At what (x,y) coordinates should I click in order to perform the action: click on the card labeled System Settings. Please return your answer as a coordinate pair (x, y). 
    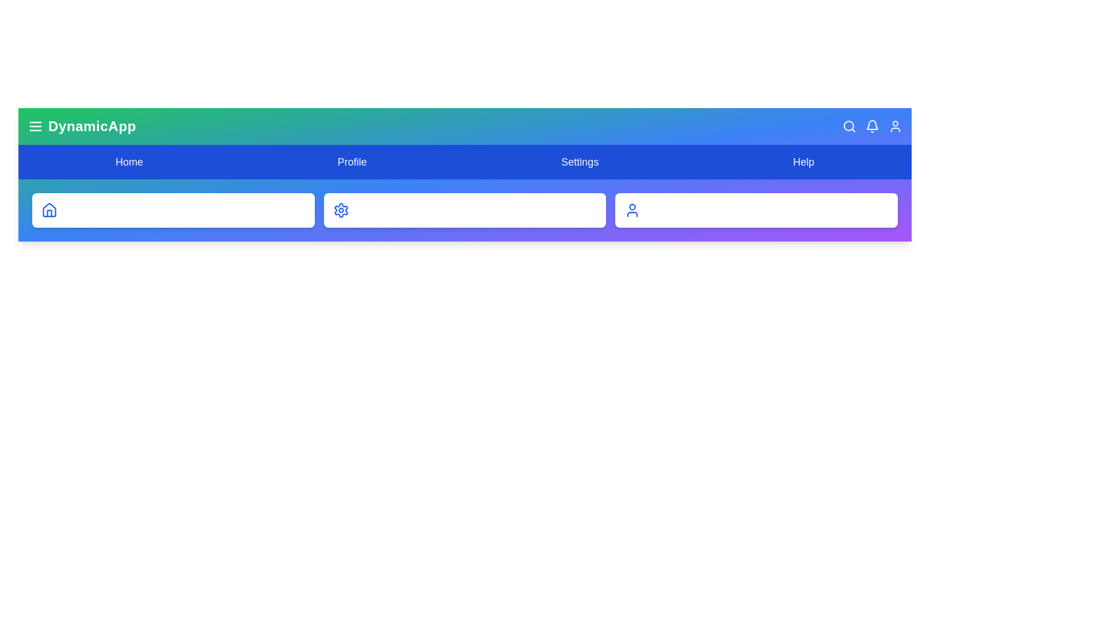
    Looking at the image, I should click on (464, 210).